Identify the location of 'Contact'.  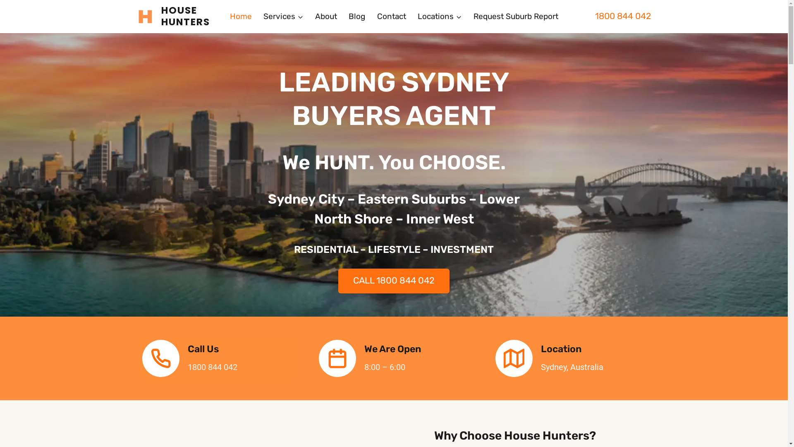
(391, 16).